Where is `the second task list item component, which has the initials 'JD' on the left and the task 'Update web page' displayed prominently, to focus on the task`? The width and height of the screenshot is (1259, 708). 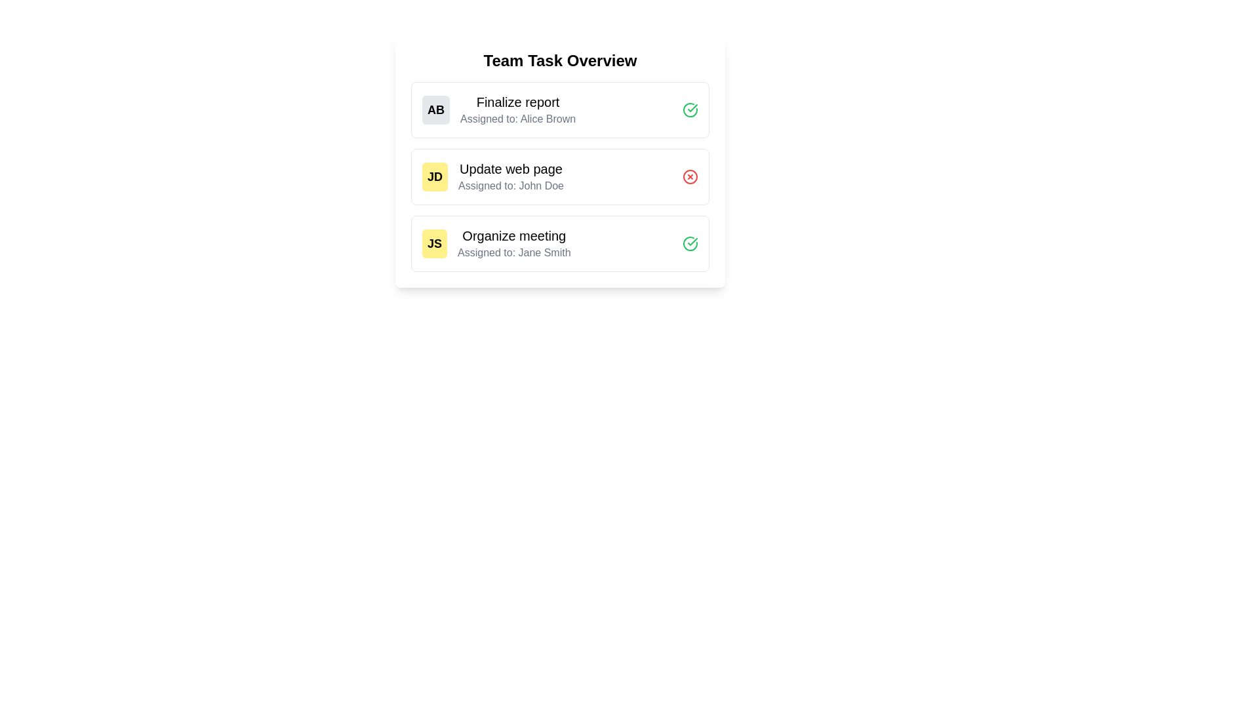
the second task list item component, which has the initials 'JD' on the left and the task 'Update web page' displayed prominently, to focus on the task is located at coordinates (560, 177).